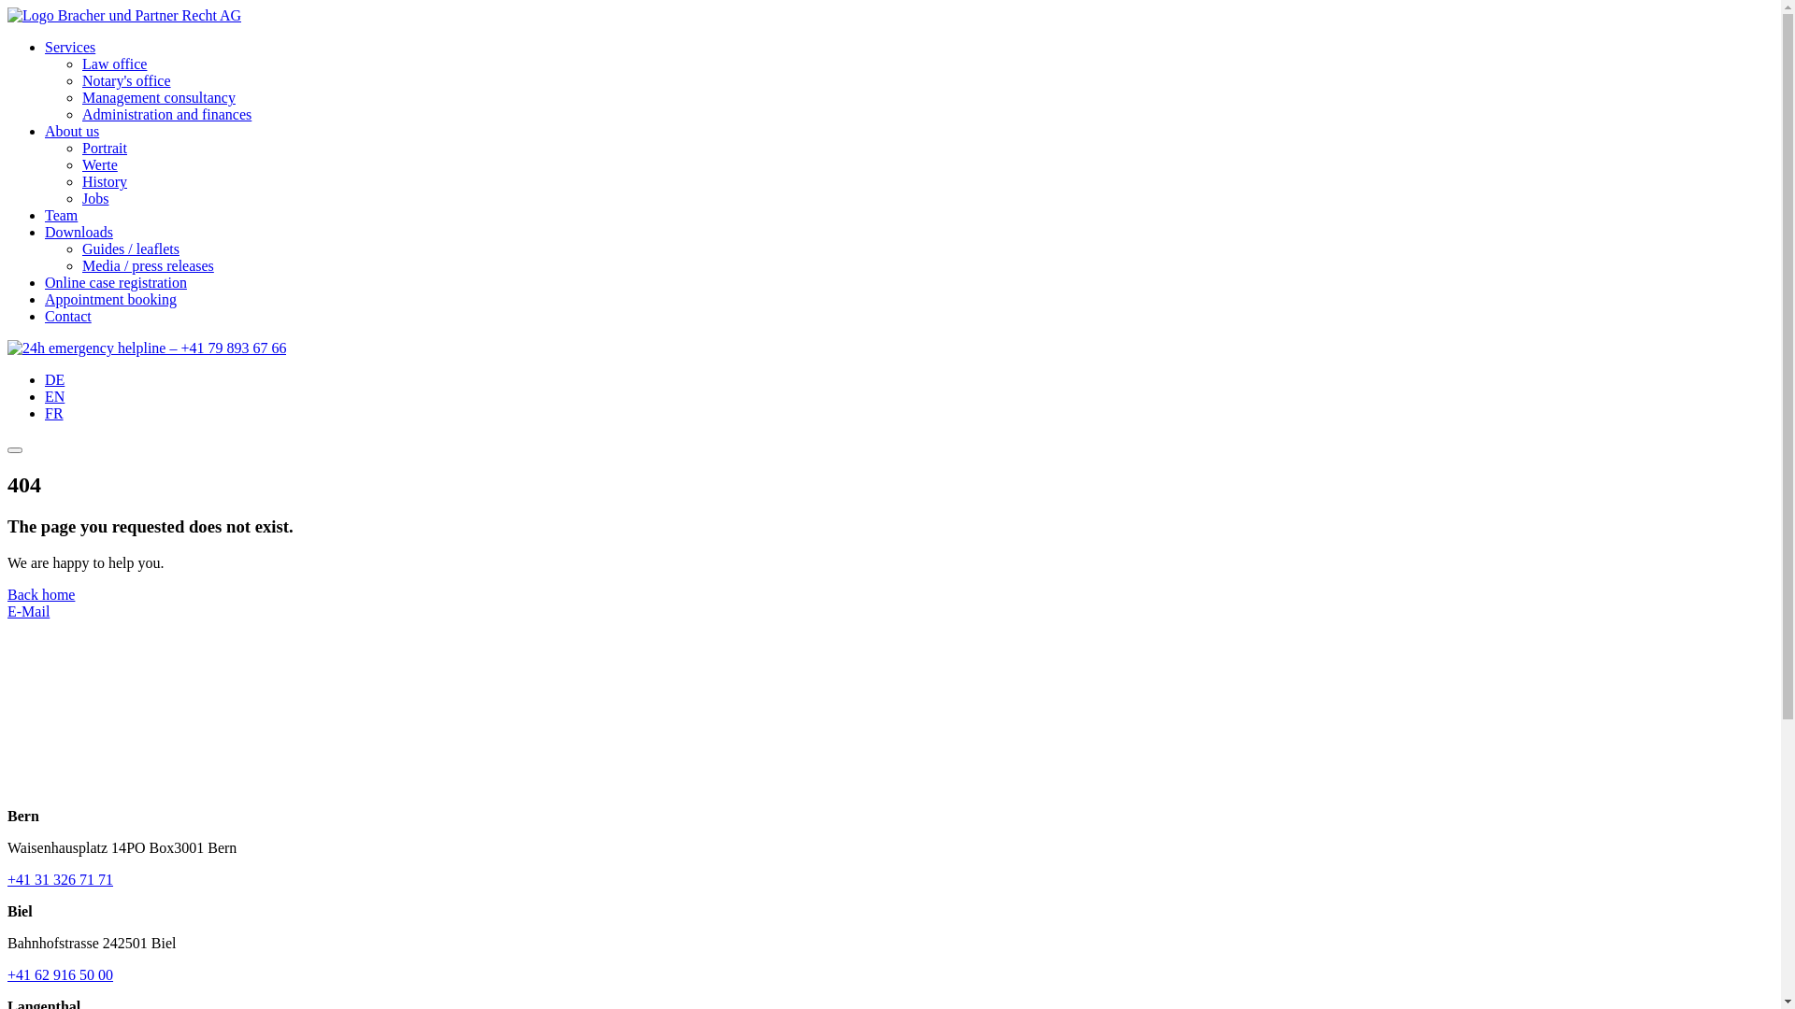  I want to click on 'Services', so click(70, 46).